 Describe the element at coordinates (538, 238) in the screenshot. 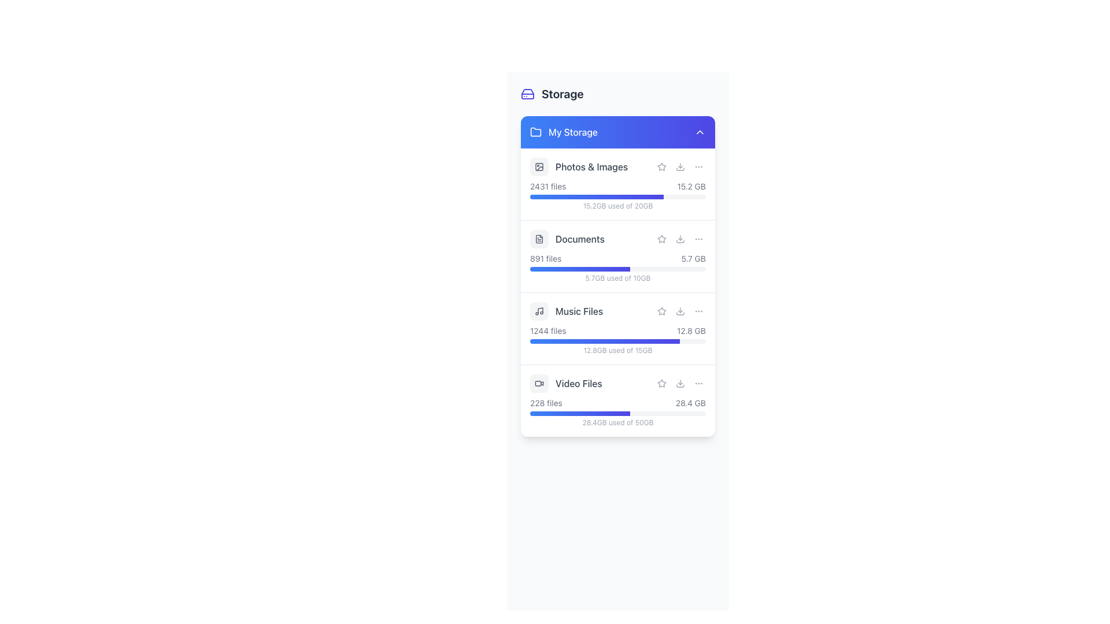

I see `the 'Documents' category icon located to the left of the text 'Documents' in the storage list, which is the second entry under 'My Storage'` at that location.